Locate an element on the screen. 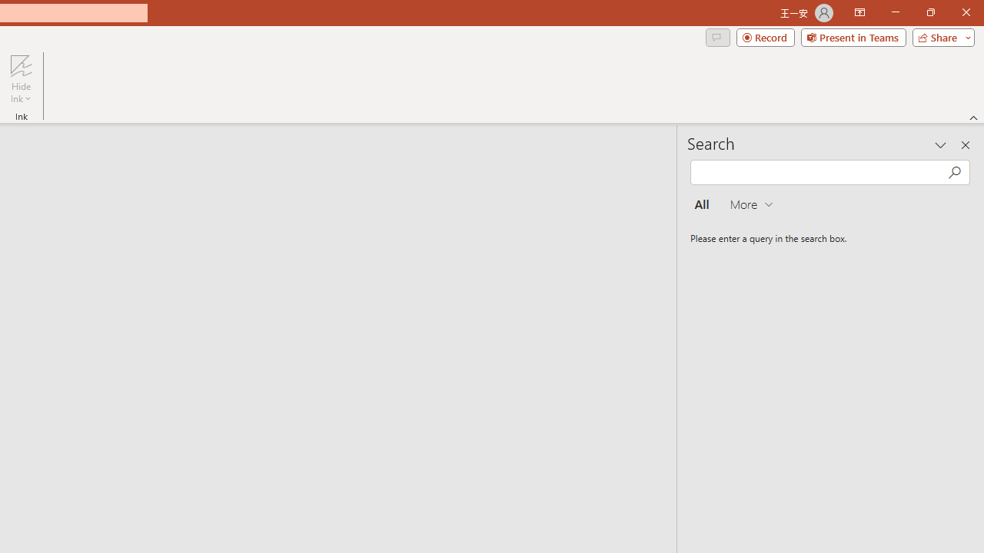 The height and width of the screenshot is (553, 984). 'Hide Ink' is located at coordinates (21, 79).